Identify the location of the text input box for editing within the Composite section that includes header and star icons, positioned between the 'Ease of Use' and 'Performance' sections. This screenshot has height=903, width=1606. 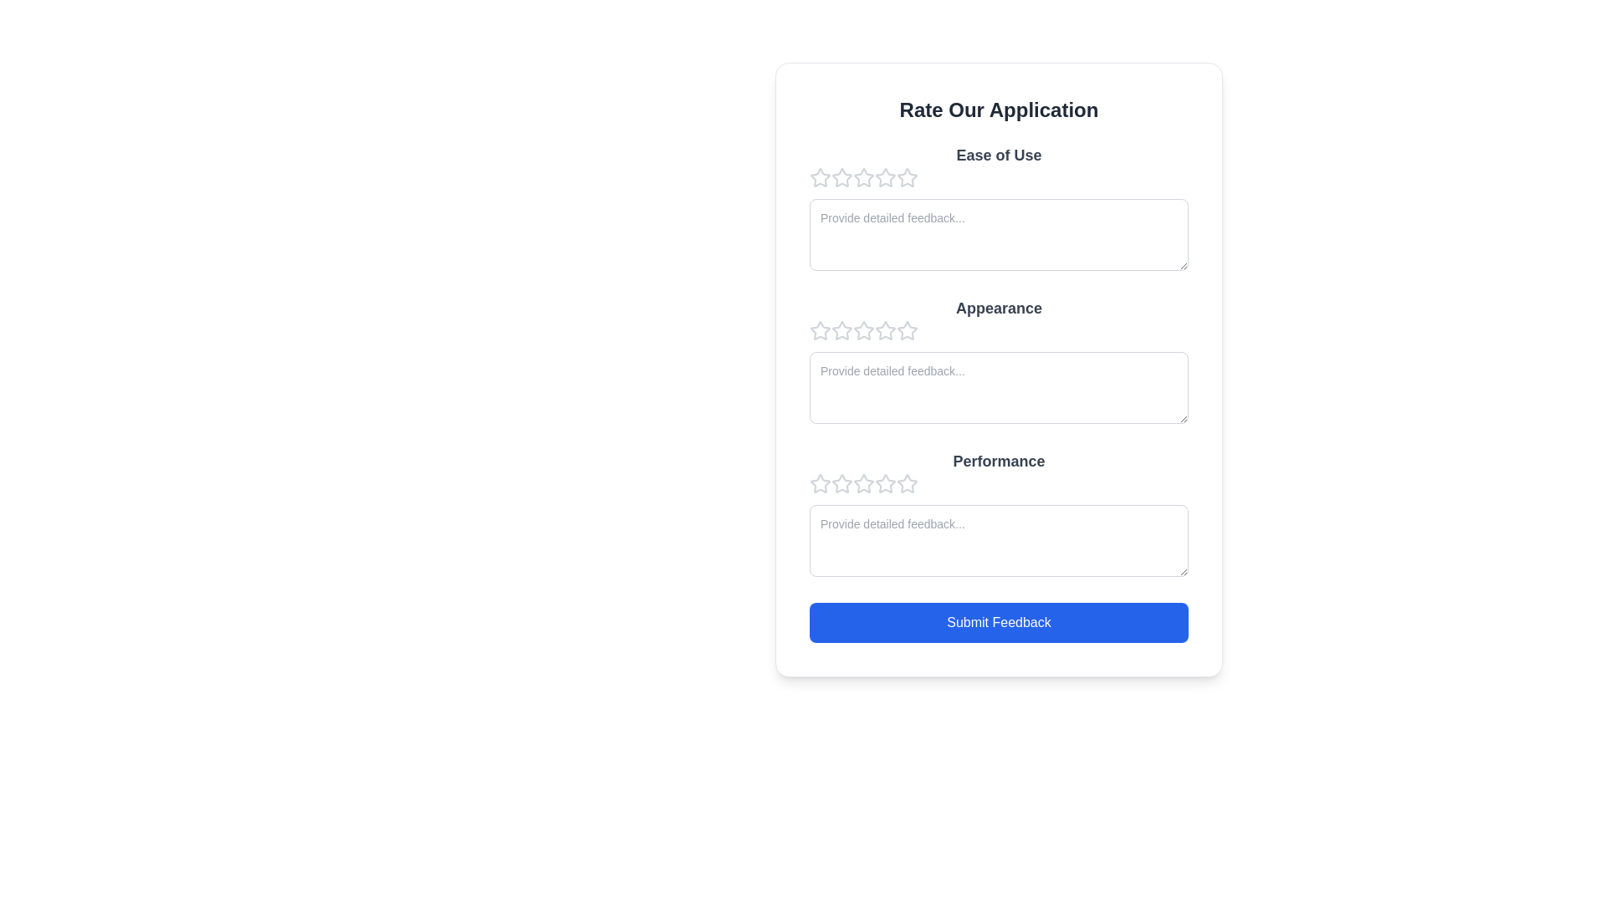
(999, 362).